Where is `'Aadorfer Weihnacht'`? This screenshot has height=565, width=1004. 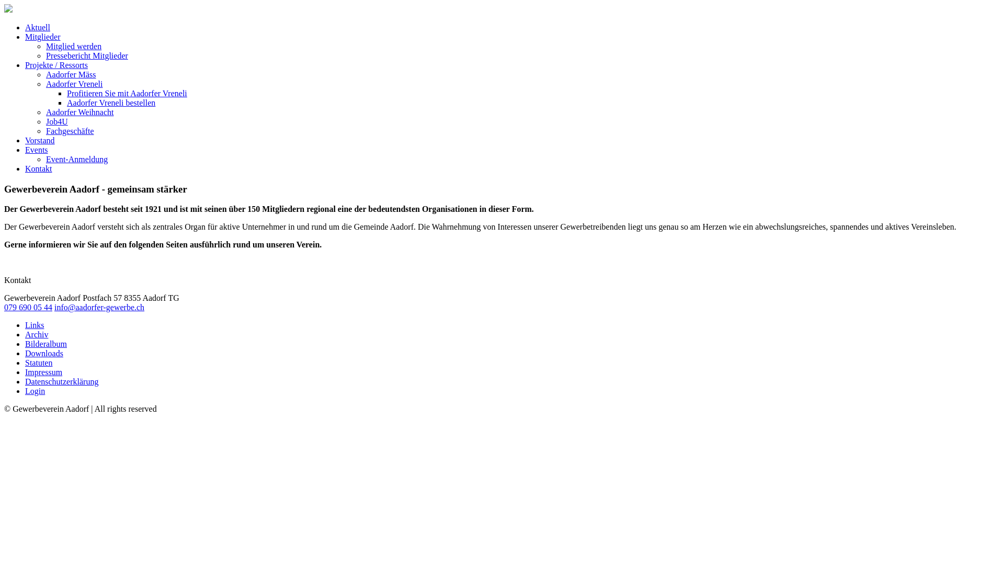
'Aadorfer Weihnacht' is located at coordinates (45, 112).